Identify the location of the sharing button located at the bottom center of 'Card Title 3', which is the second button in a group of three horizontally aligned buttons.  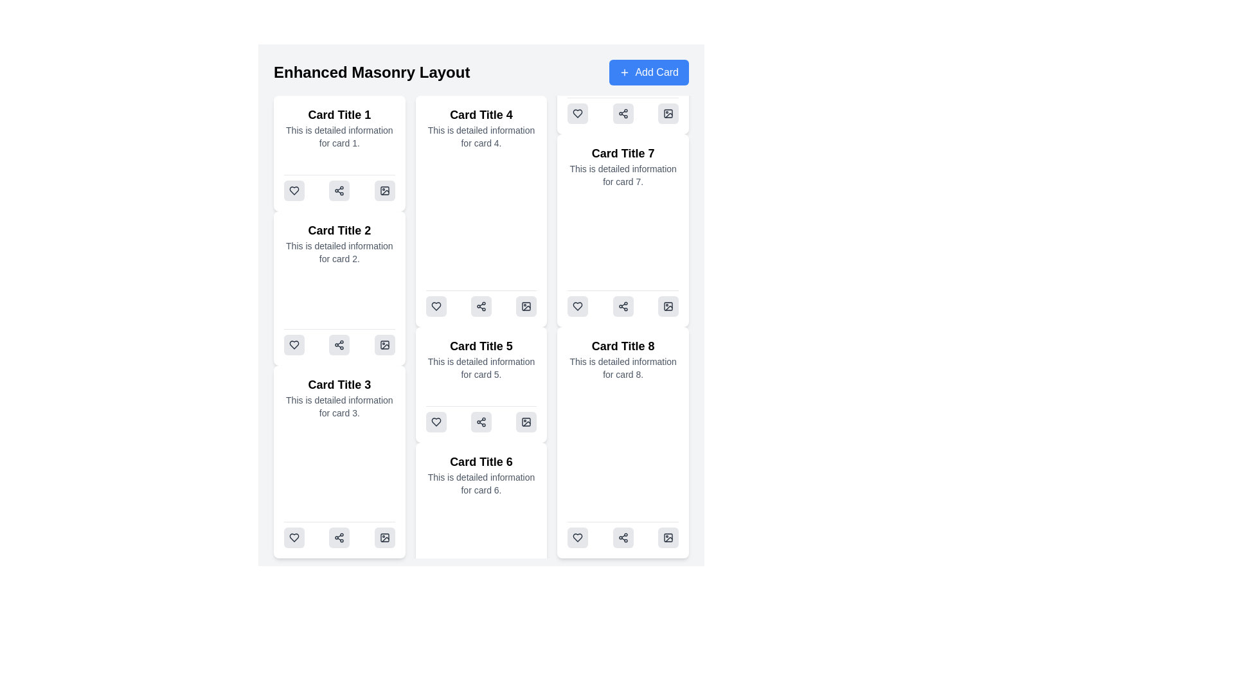
(339, 538).